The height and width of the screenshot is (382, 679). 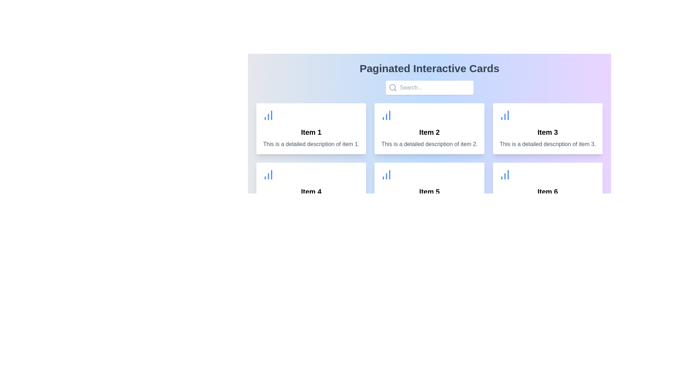 What do you see at coordinates (547, 144) in the screenshot?
I see `contents of the text label that contains the descriptive text 'This is a detailed description of item 3.' styled in gray font, positioned below the title 'Item 3' within the card structure` at bounding box center [547, 144].